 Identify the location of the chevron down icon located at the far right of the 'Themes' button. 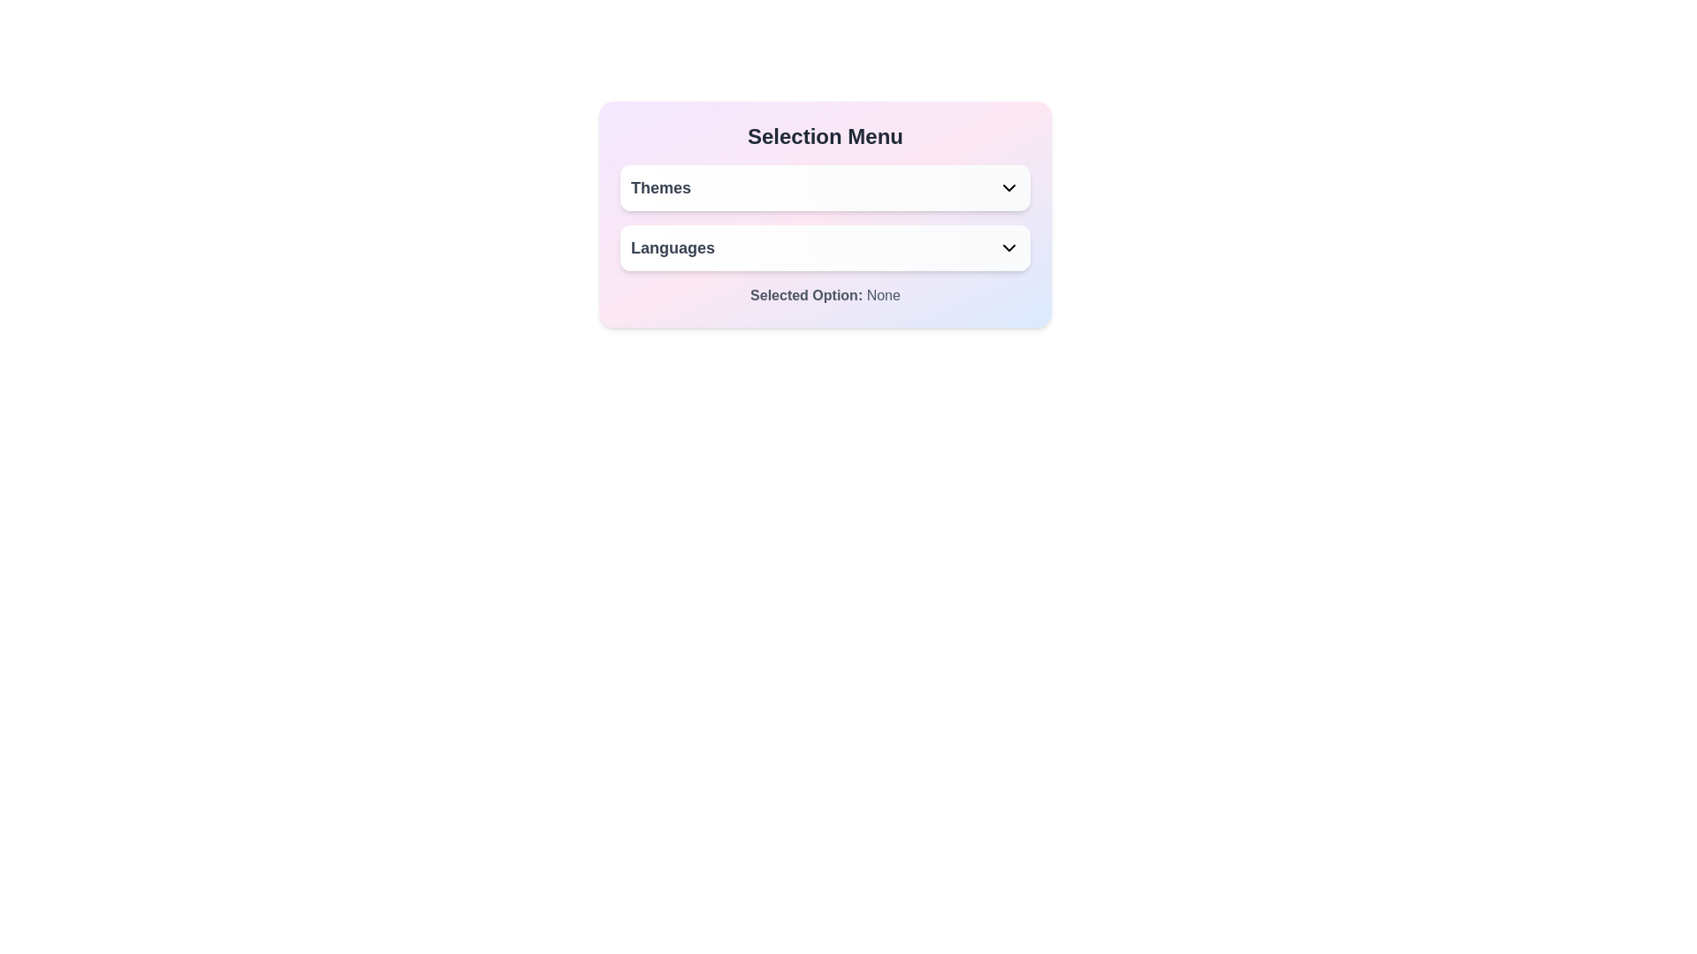
(1009, 187).